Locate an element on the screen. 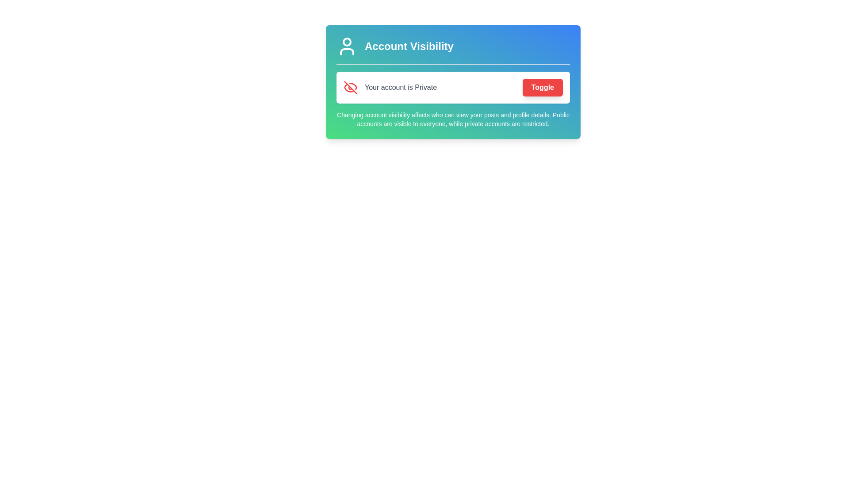 The height and width of the screenshot is (478, 849). the circular user head icon within the 'Account Visibility' card located at the top-left of the SVG structure is located at coordinates (347, 42).